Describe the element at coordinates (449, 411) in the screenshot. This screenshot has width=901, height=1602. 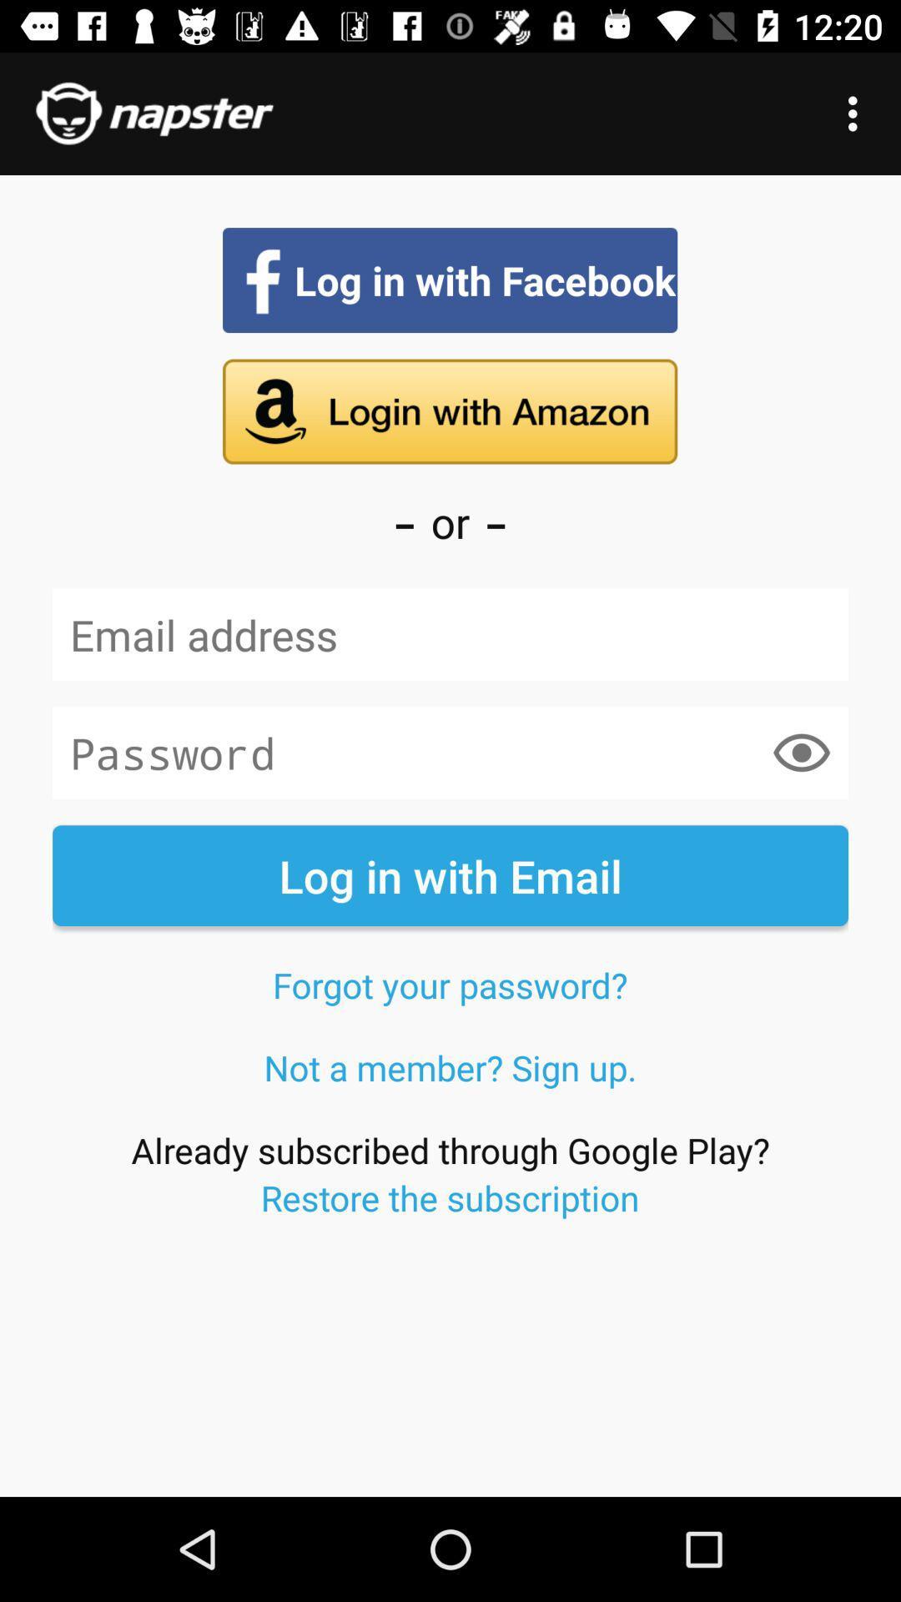
I see `the icon above or` at that location.